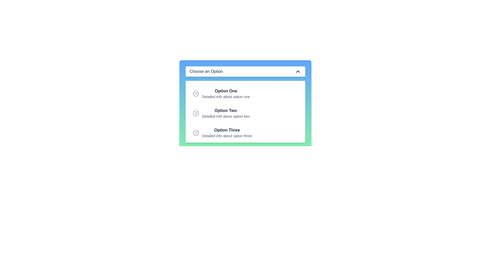 The image size is (495, 278). Describe the element at coordinates (195, 113) in the screenshot. I see `the non-interactive icon indicating the selection status of 'Option Two', which is located at the leftmost position within the second option block` at that location.